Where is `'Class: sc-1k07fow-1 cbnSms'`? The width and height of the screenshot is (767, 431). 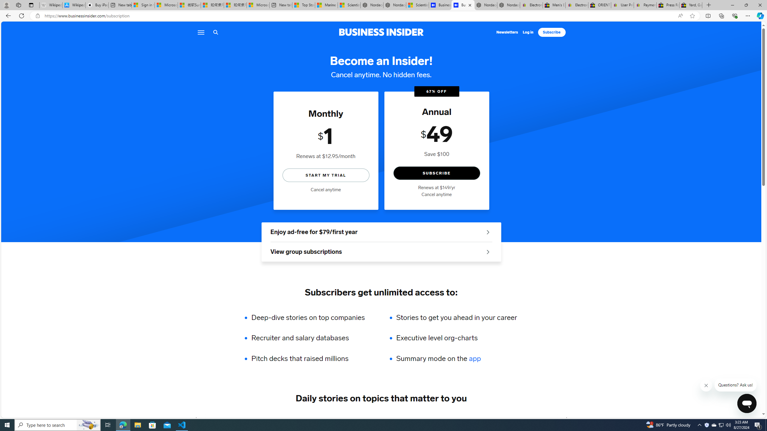 'Class: sc-1k07fow-1 cbnSms' is located at coordinates (747, 403).